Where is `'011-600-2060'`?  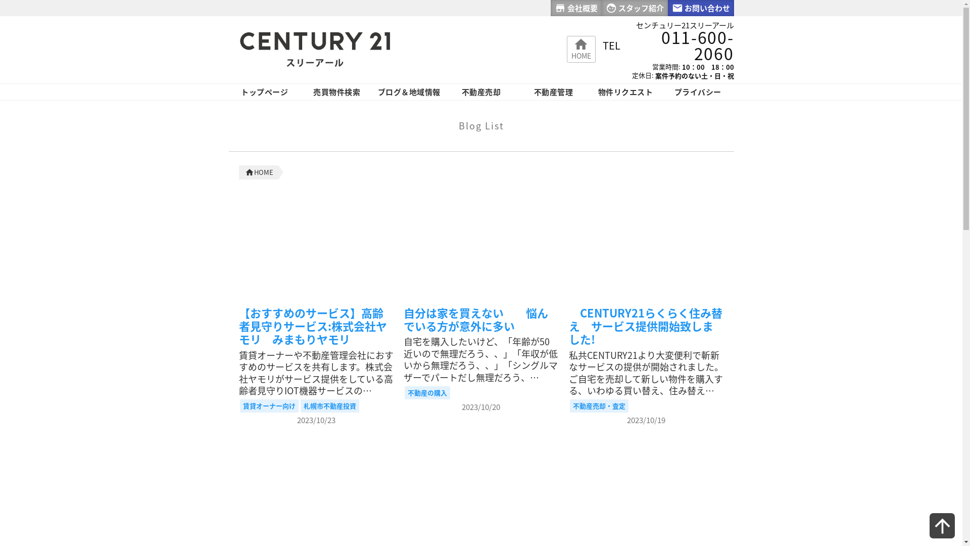 '011-600-2060' is located at coordinates (677, 44).